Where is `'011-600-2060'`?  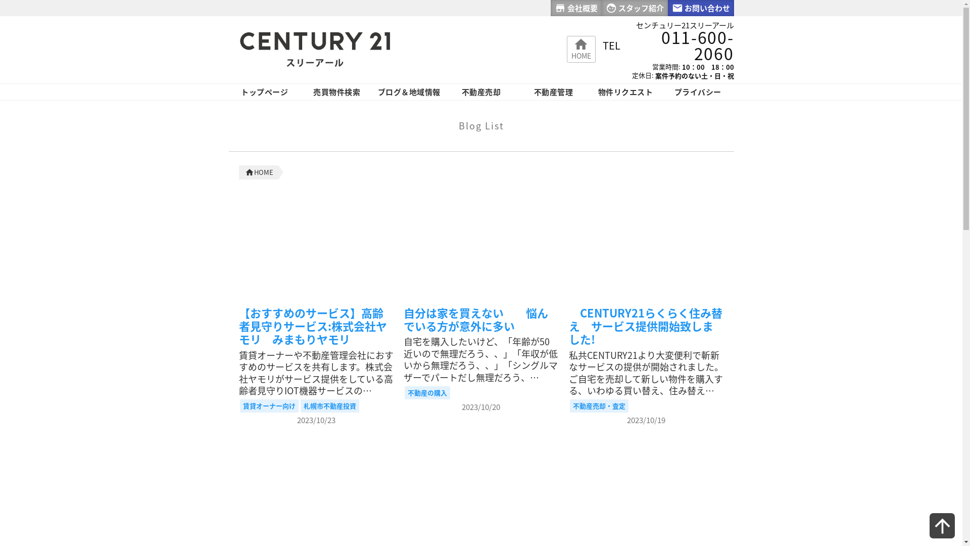 '011-600-2060' is located at coordinates (677, 44).